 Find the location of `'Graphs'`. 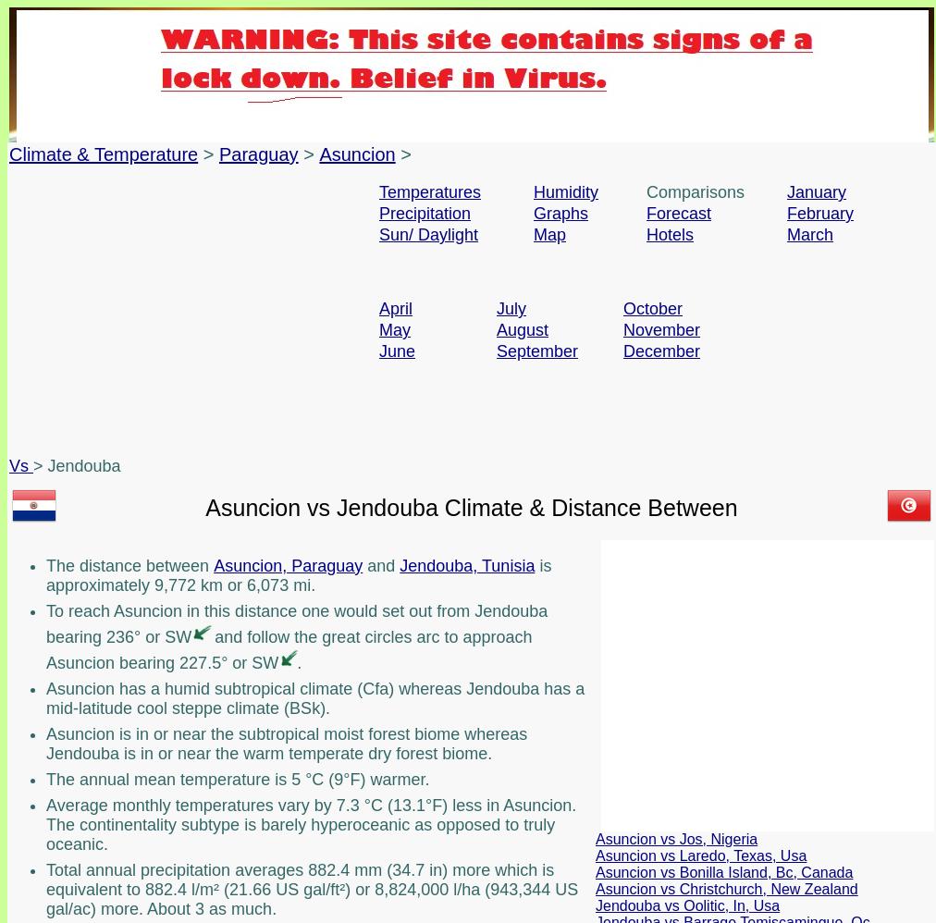

'Graphs' is located at coordinates (560, 214).